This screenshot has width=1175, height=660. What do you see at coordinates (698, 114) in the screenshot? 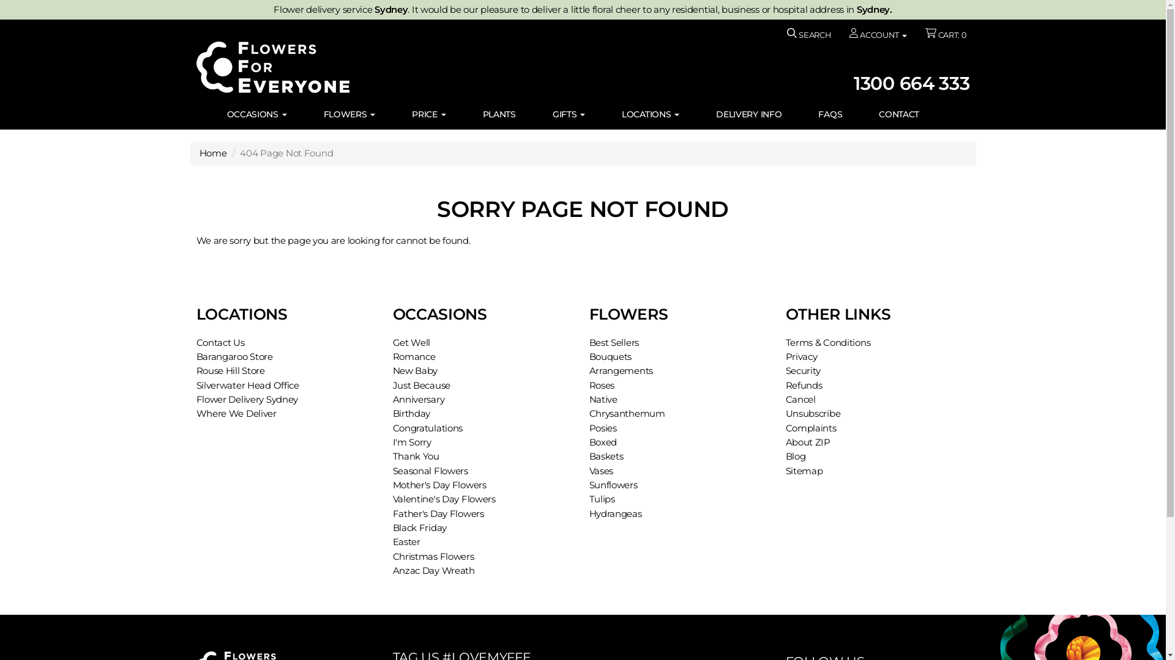
I see `'DELIVERY INFO'` at bounding box center [698, 114].